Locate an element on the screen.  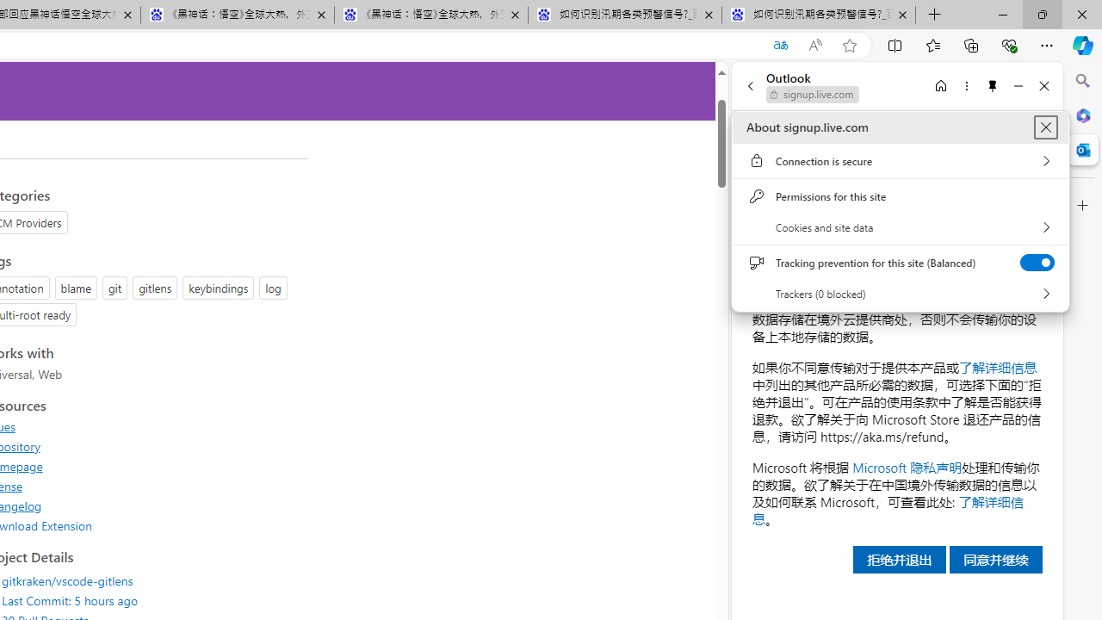
'Permissions for this site' is located at coordinates (900, 195).